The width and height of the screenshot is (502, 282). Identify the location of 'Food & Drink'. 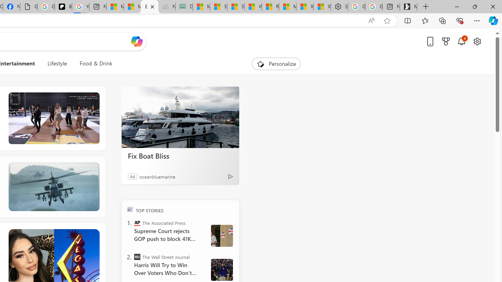
(93, 63).